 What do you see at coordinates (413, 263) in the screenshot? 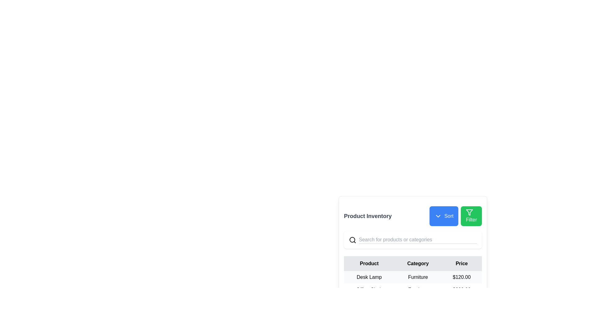
I see `the Table Header Row that labels the three columns for product details, categories, and prices, located directly below the search bar` at bounding box center [413, 263].